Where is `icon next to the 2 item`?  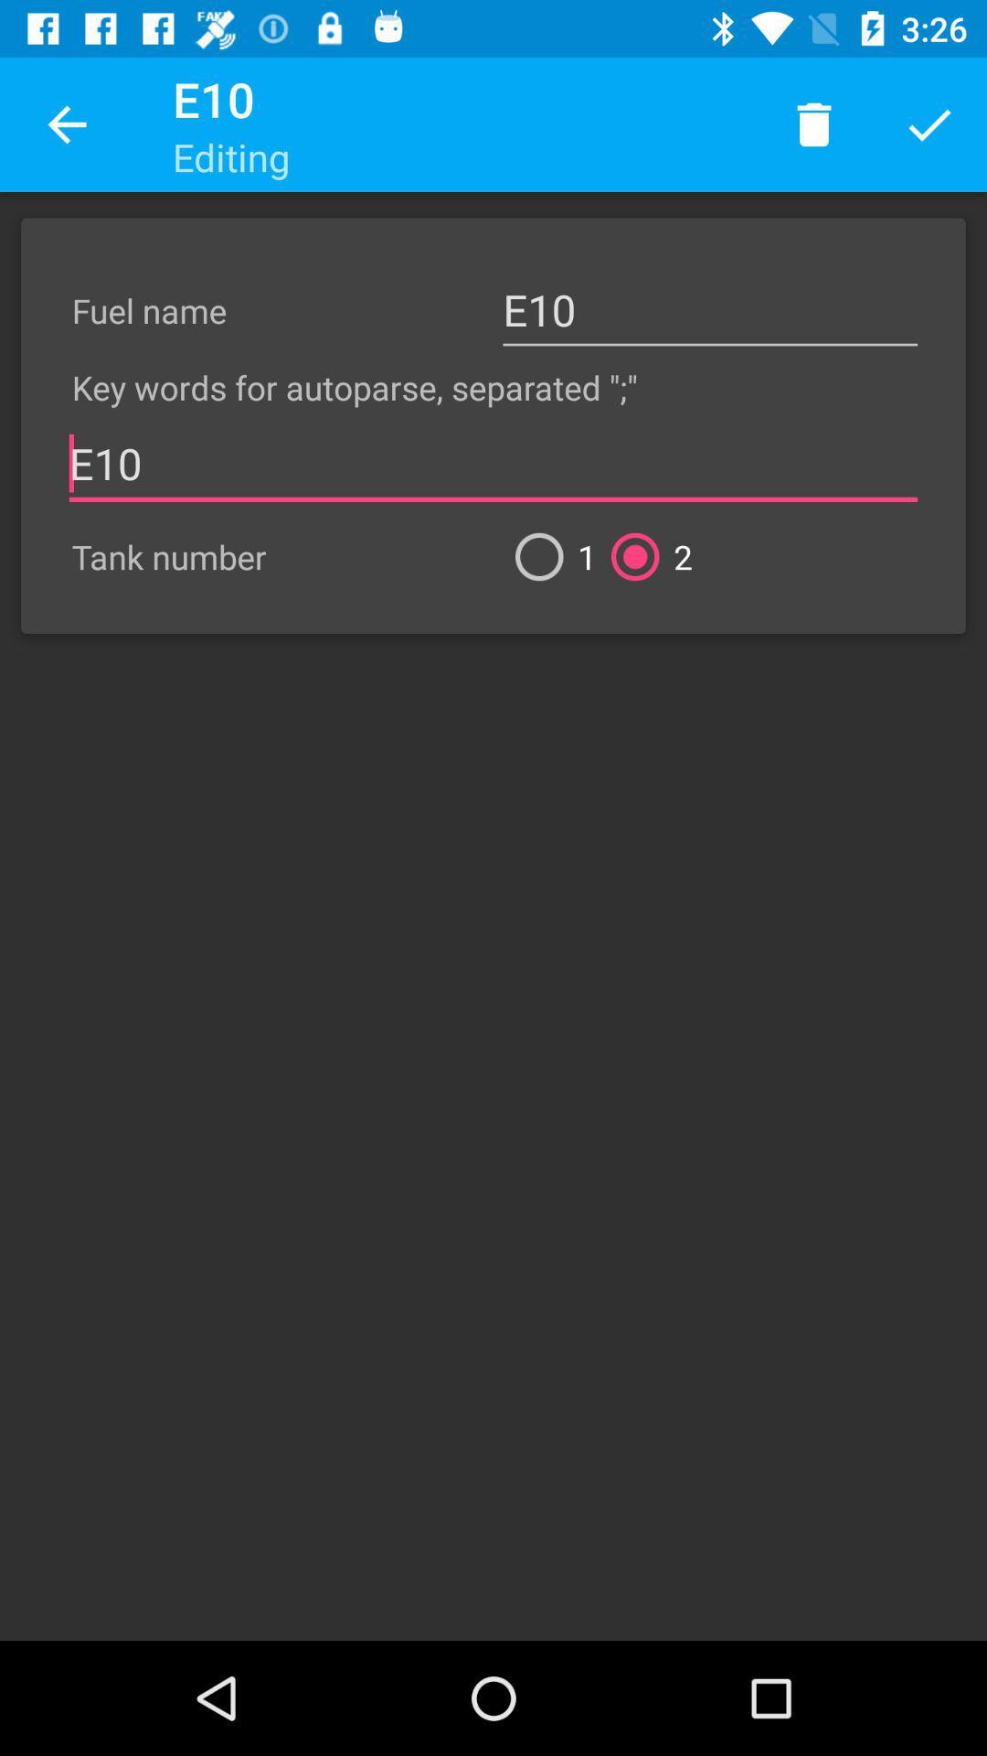 icon next to the 2 item is located at coordinates (547, 556).